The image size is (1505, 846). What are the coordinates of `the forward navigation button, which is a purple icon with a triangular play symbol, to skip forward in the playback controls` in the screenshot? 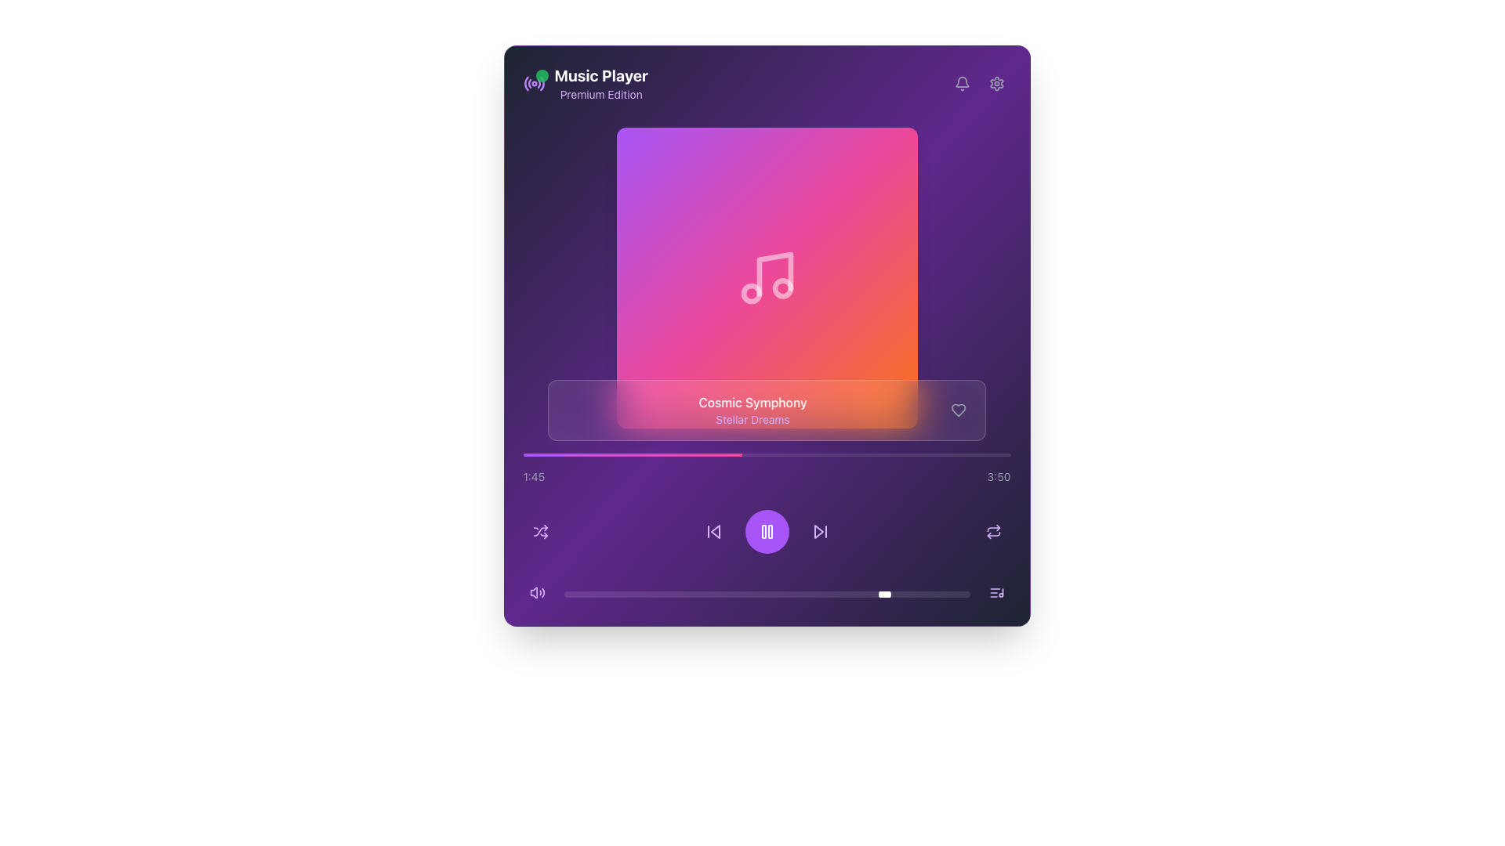 It's located at (819, 530).